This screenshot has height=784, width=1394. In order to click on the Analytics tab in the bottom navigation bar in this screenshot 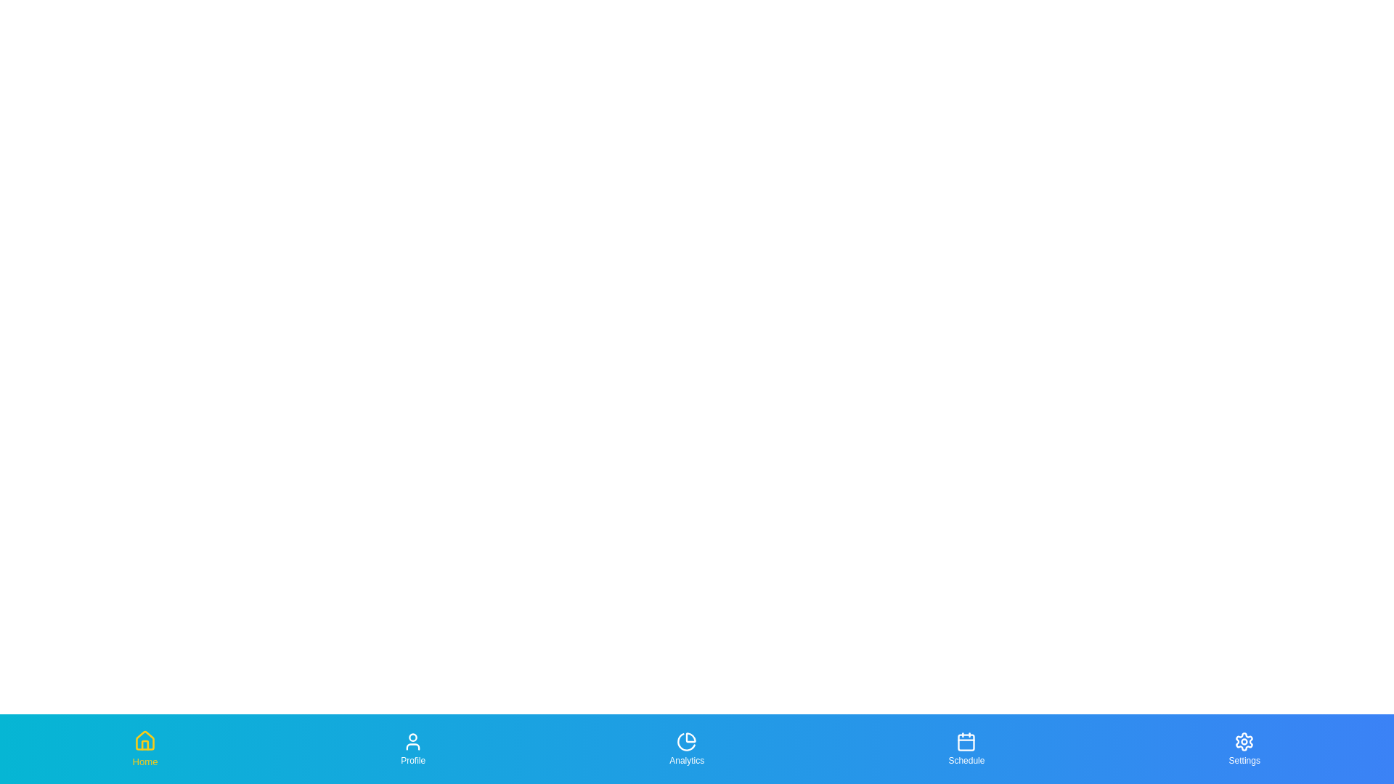, I will do `click(685, 749)`.